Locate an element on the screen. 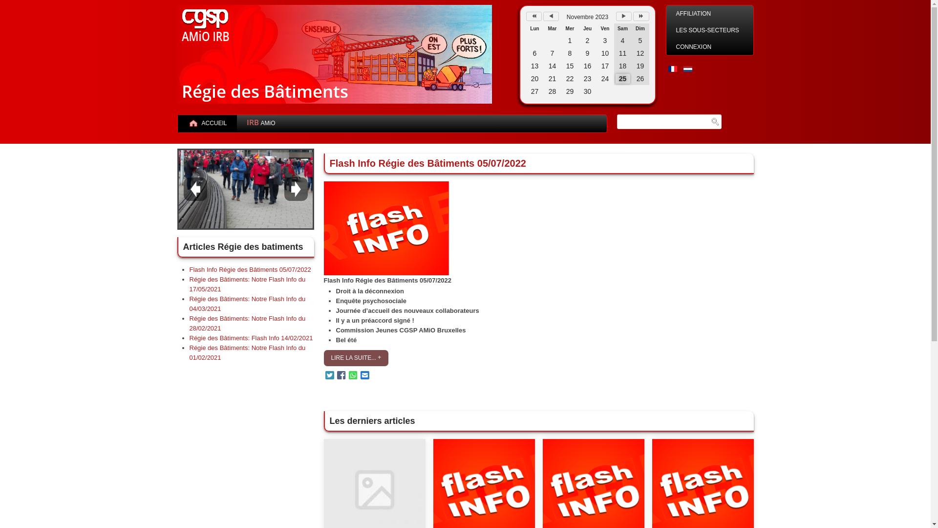 The width and height of the screenshot is (938, 528). 'AFFILIATION' is located at coordinates (710, 13).